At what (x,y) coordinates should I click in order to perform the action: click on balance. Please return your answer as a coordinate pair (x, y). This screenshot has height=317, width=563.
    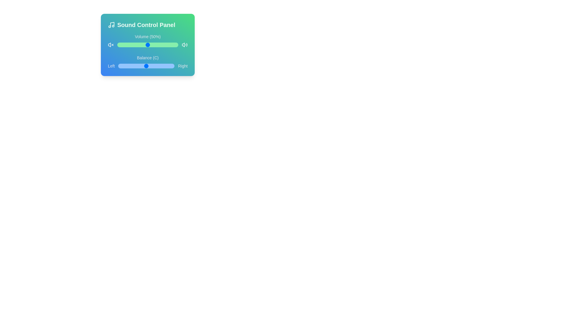
    Looking at the image, I should click on (144, 66).